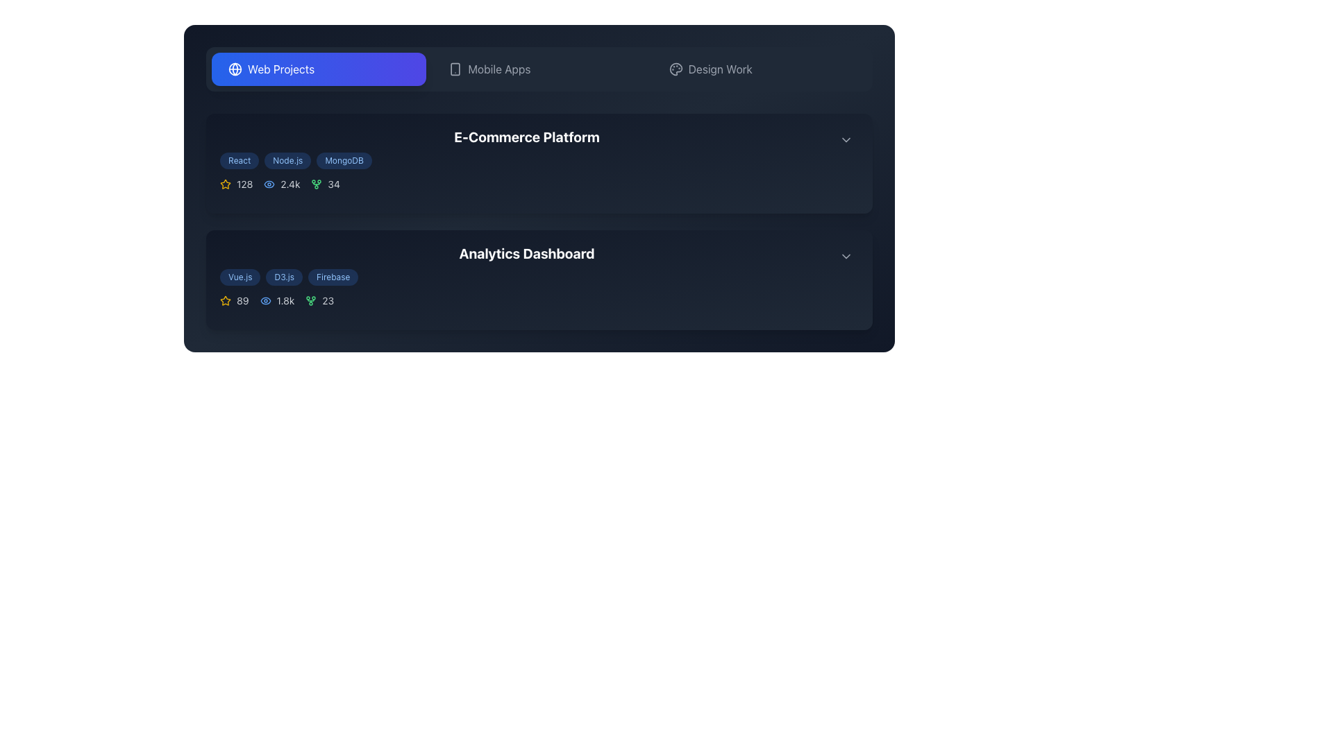 This screenshot has width=1333, height=749. Describe the element at coordinates (235, 69) in the screenshot. I see `the globe icon by clicking on the center of the circle that forms its outline` at that location.